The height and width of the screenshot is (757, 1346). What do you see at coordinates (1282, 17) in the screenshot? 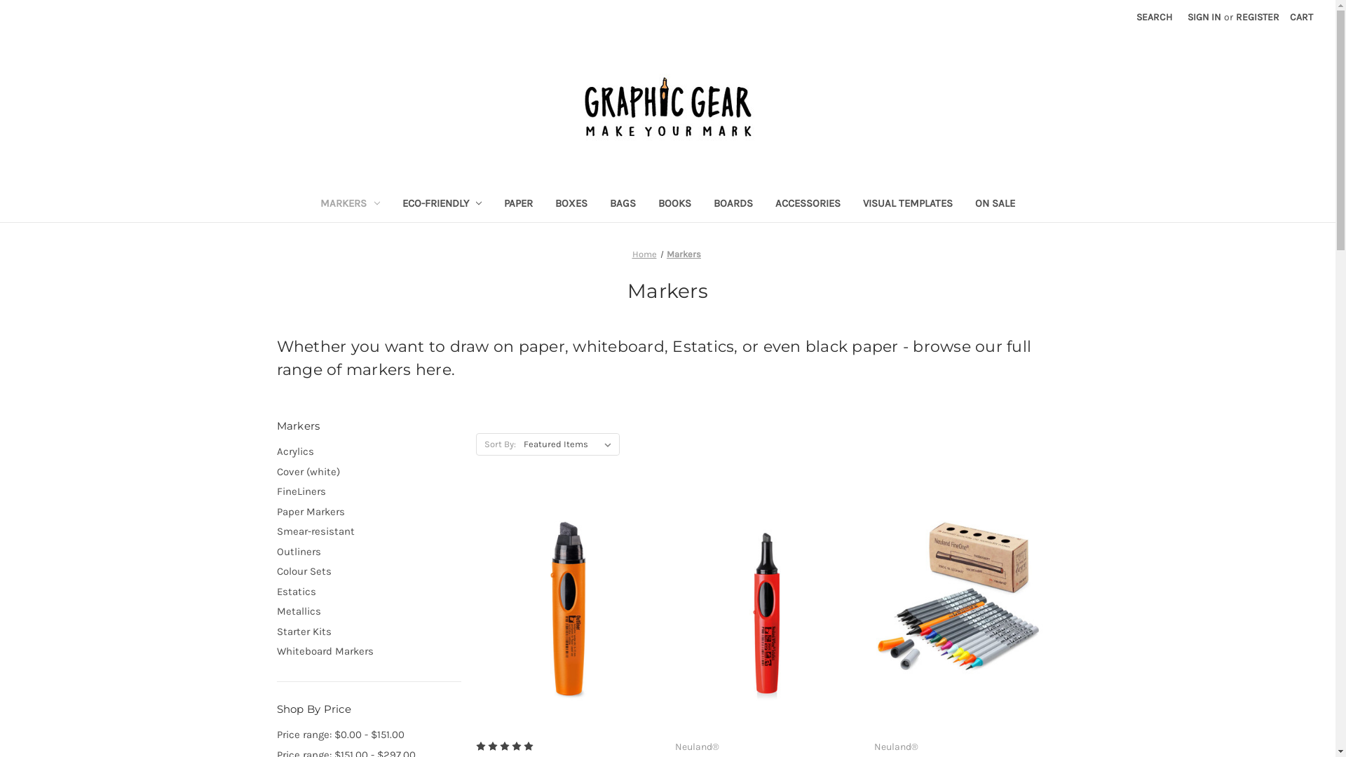
I see `'CART'` at bounding box center [1282, 17].